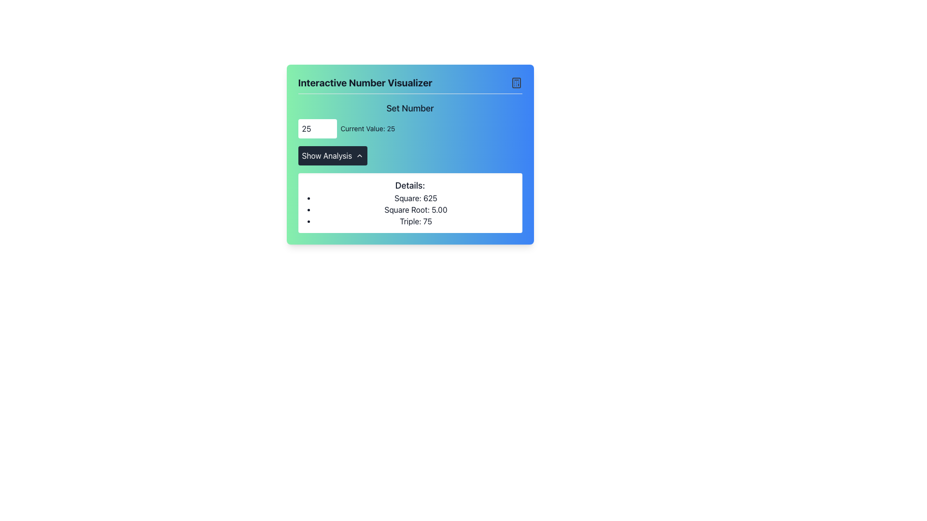 The height and width of the screenshot is (521, 927). Describe the element at coordinates (416, 209) in the screenshot. I see `the text label that reads 'Square Root: 5.00', which is the second item in a vertical list under the 'Details' title, centrally placed within a white background panel` at that location.